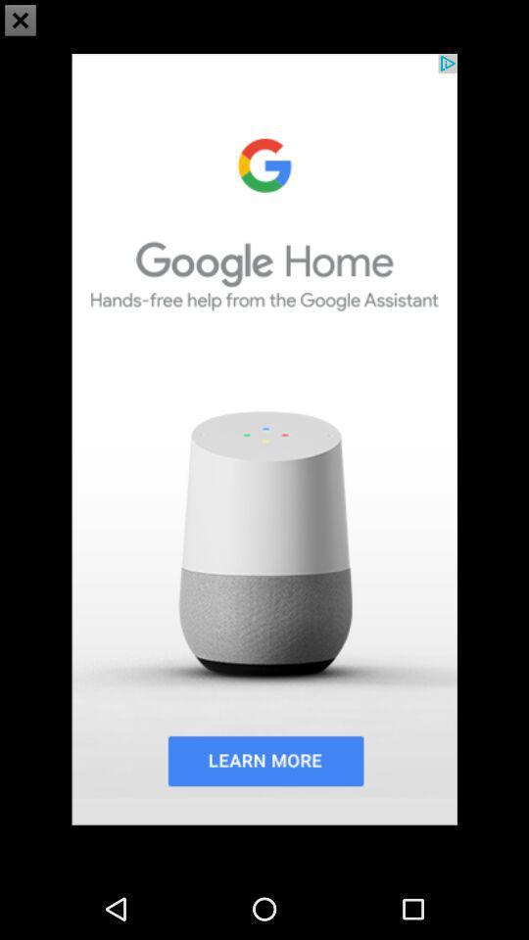 This screenshot has height=940, width=529. Describe the element at coordinates (20, 21) in the screenshot. I see `the close icon` at that location.